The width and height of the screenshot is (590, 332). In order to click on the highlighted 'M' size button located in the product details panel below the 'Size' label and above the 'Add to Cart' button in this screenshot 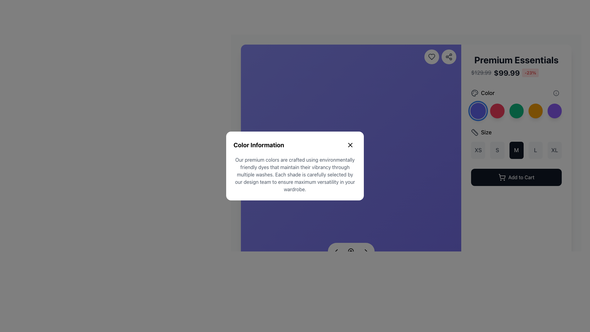, I will do `click(516, 143)`.